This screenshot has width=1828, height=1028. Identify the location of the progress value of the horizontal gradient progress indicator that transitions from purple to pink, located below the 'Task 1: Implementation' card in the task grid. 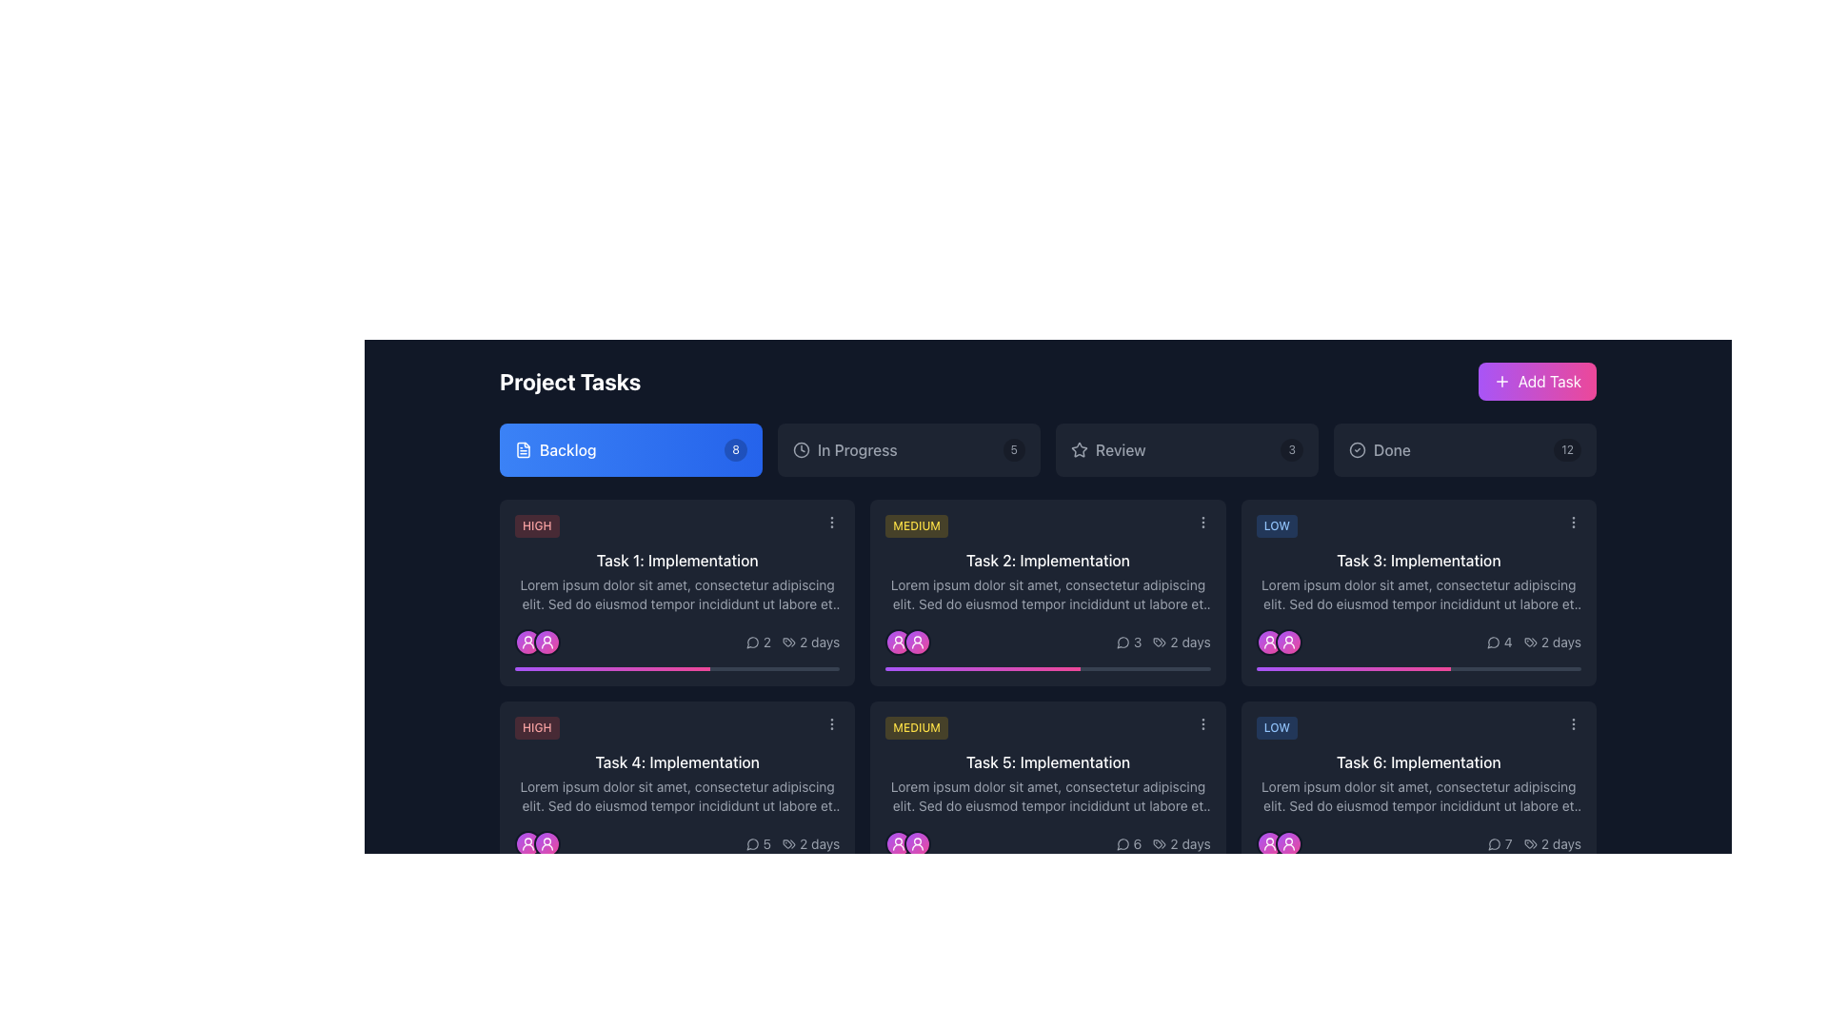
(612, 667).